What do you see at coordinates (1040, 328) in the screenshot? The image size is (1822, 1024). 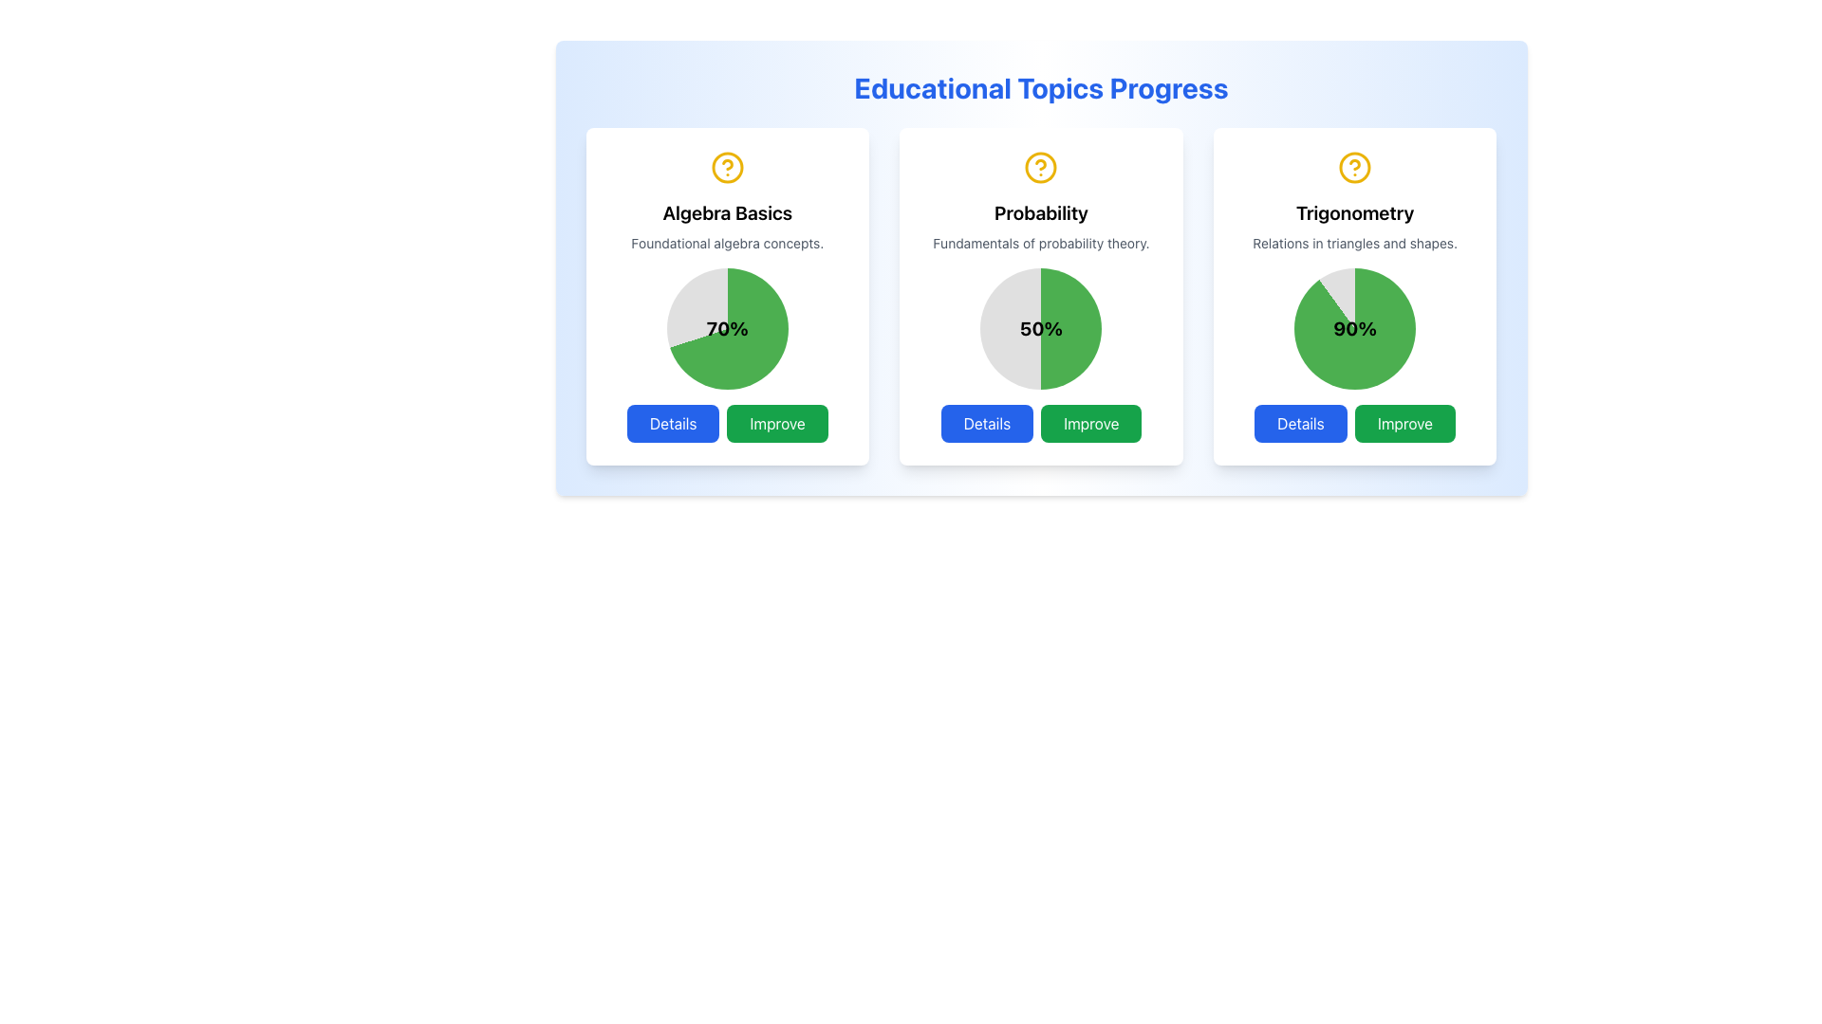 I see `the percentage displayed in the Circular Progress Indicator, which shows '50%' in bold black text at the center of the circular visual representation` at bounding box center [1040, 328].